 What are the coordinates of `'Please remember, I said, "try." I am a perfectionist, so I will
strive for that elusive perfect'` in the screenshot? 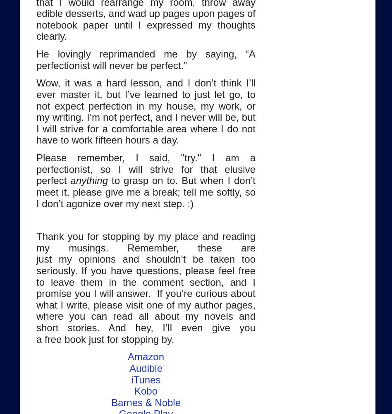 It's located at (146, 169).